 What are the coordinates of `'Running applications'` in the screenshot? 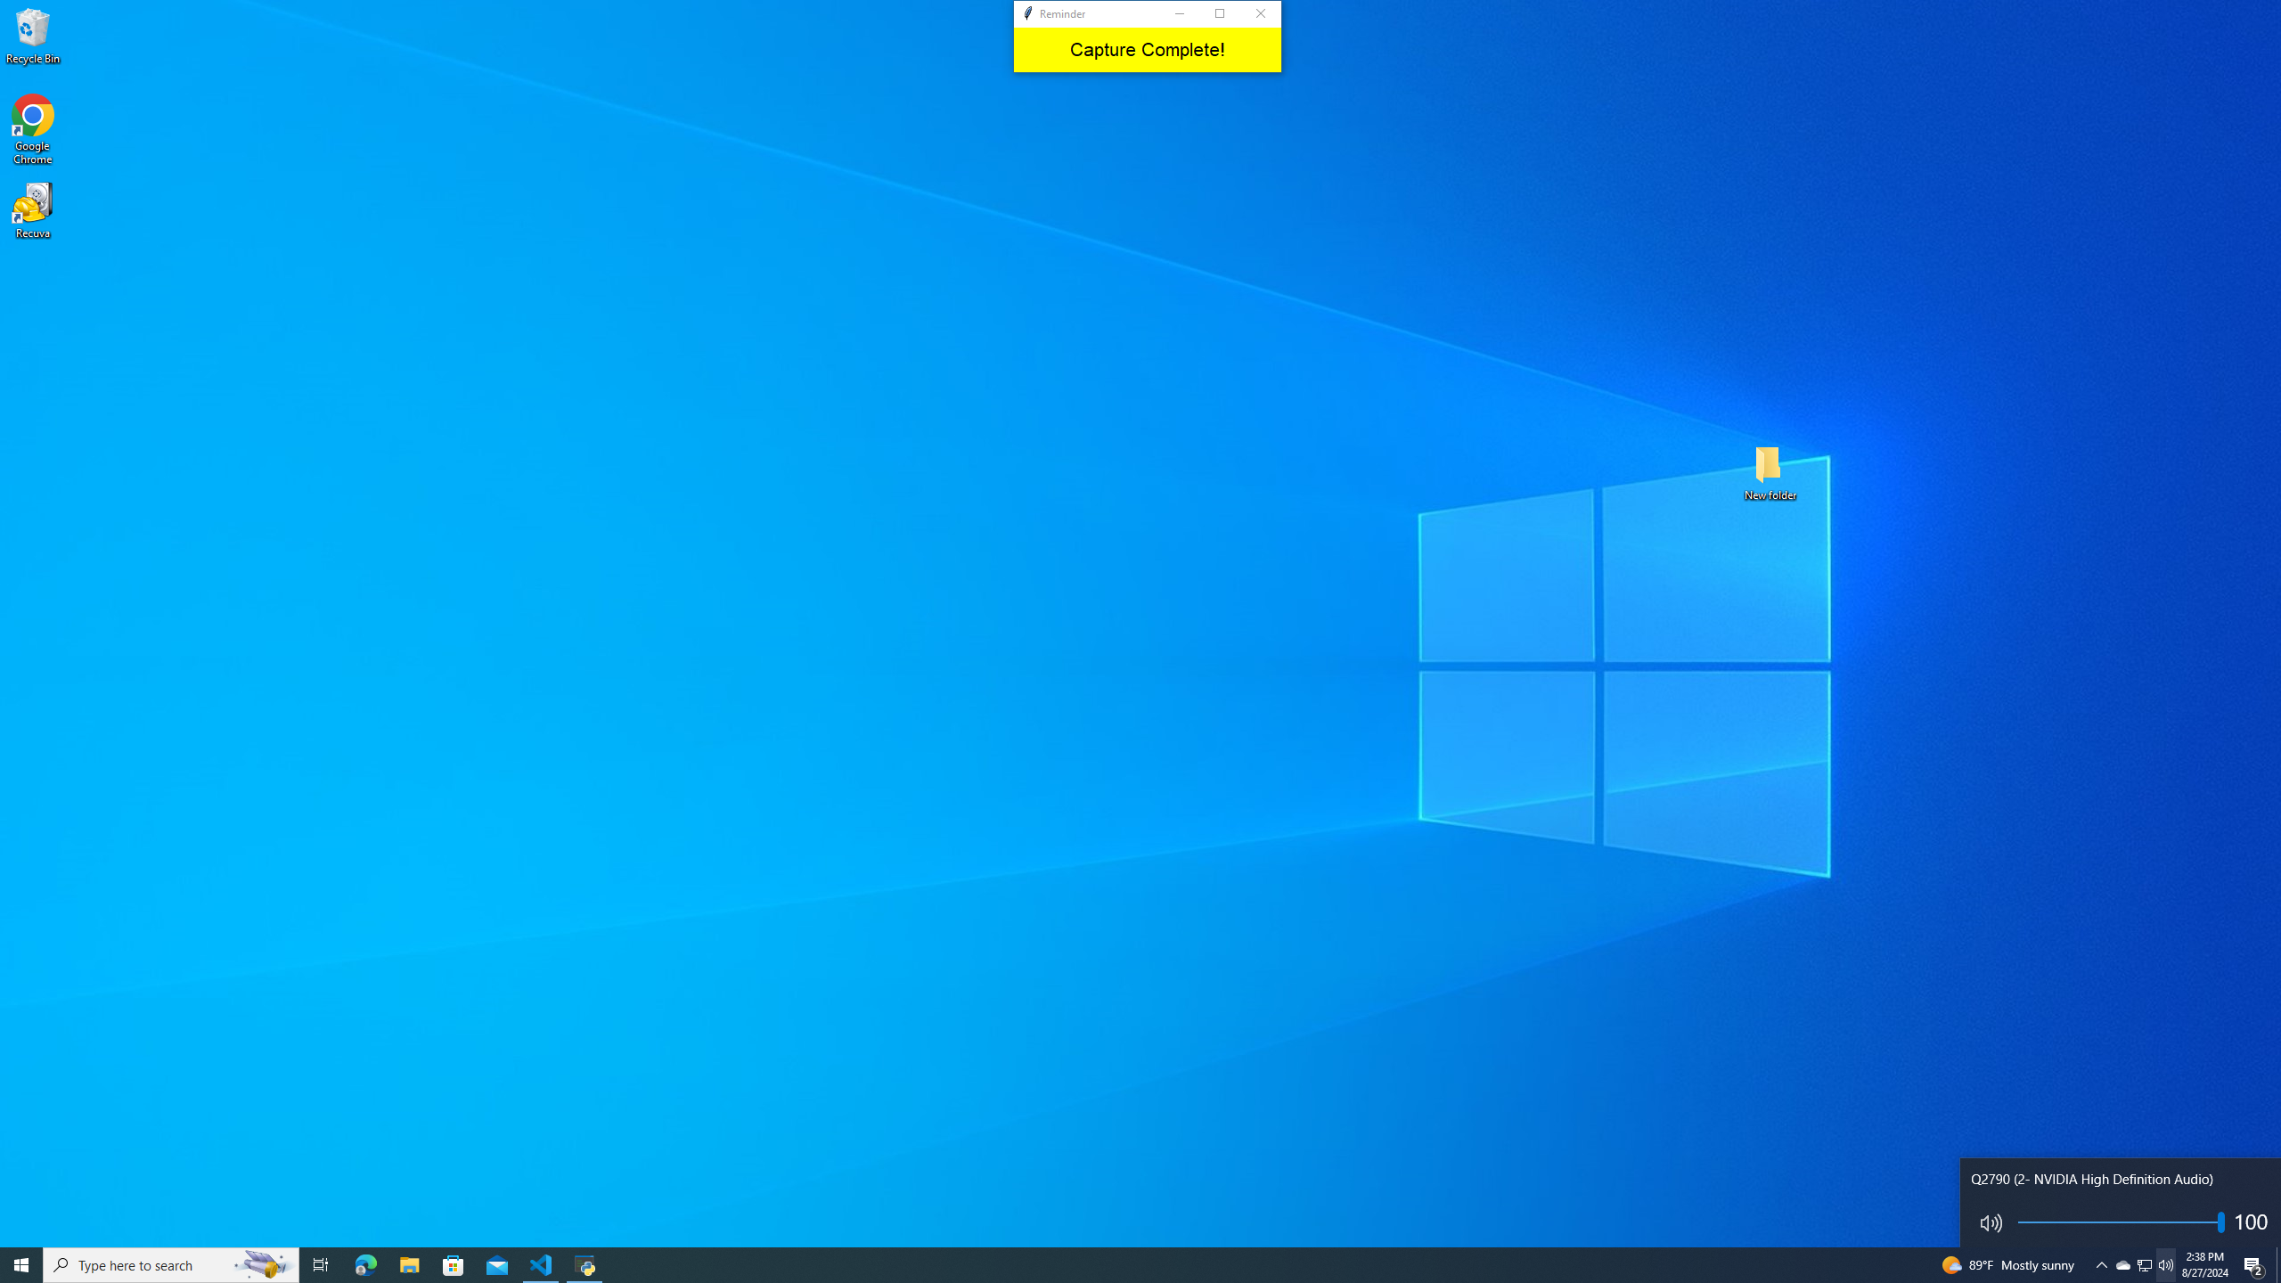 It's located at (1124, 1263).